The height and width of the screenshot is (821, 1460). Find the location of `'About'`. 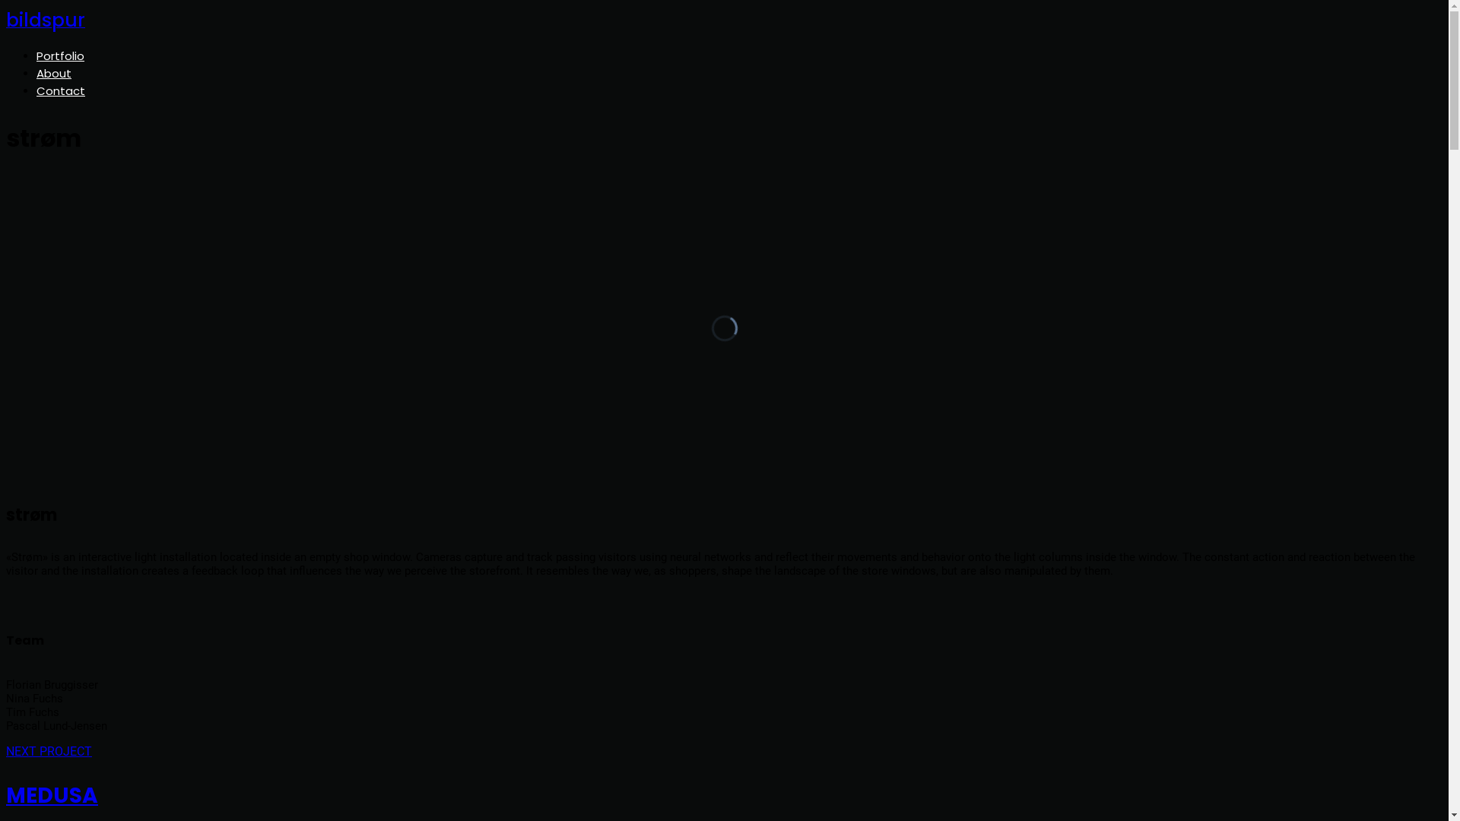

'About' is located at coordinates (36, 73).